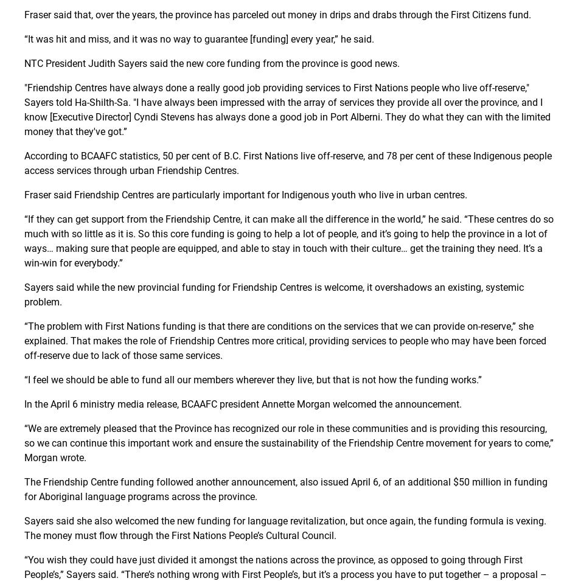 The image size is (578, 581). Describe the element at coordinates (24, 294) in the screenshot. I see `'Sayers said while the new provincial funding for Friendship Centres is welcome, it overshadows an existing, systemic problem.'` at that location.